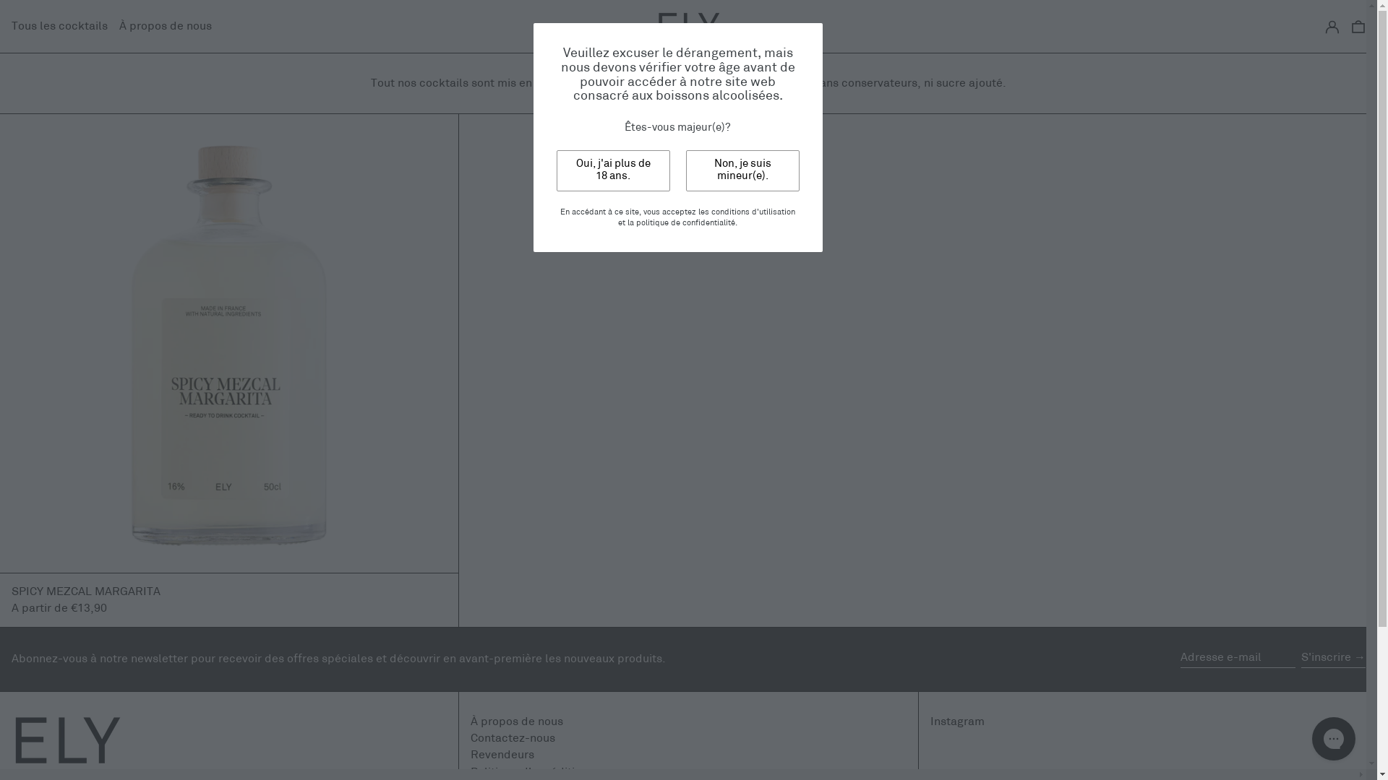  Describe the element at coordinates (59, 26) in the screenshot. I see `'Tous les cocktails'` at that location.